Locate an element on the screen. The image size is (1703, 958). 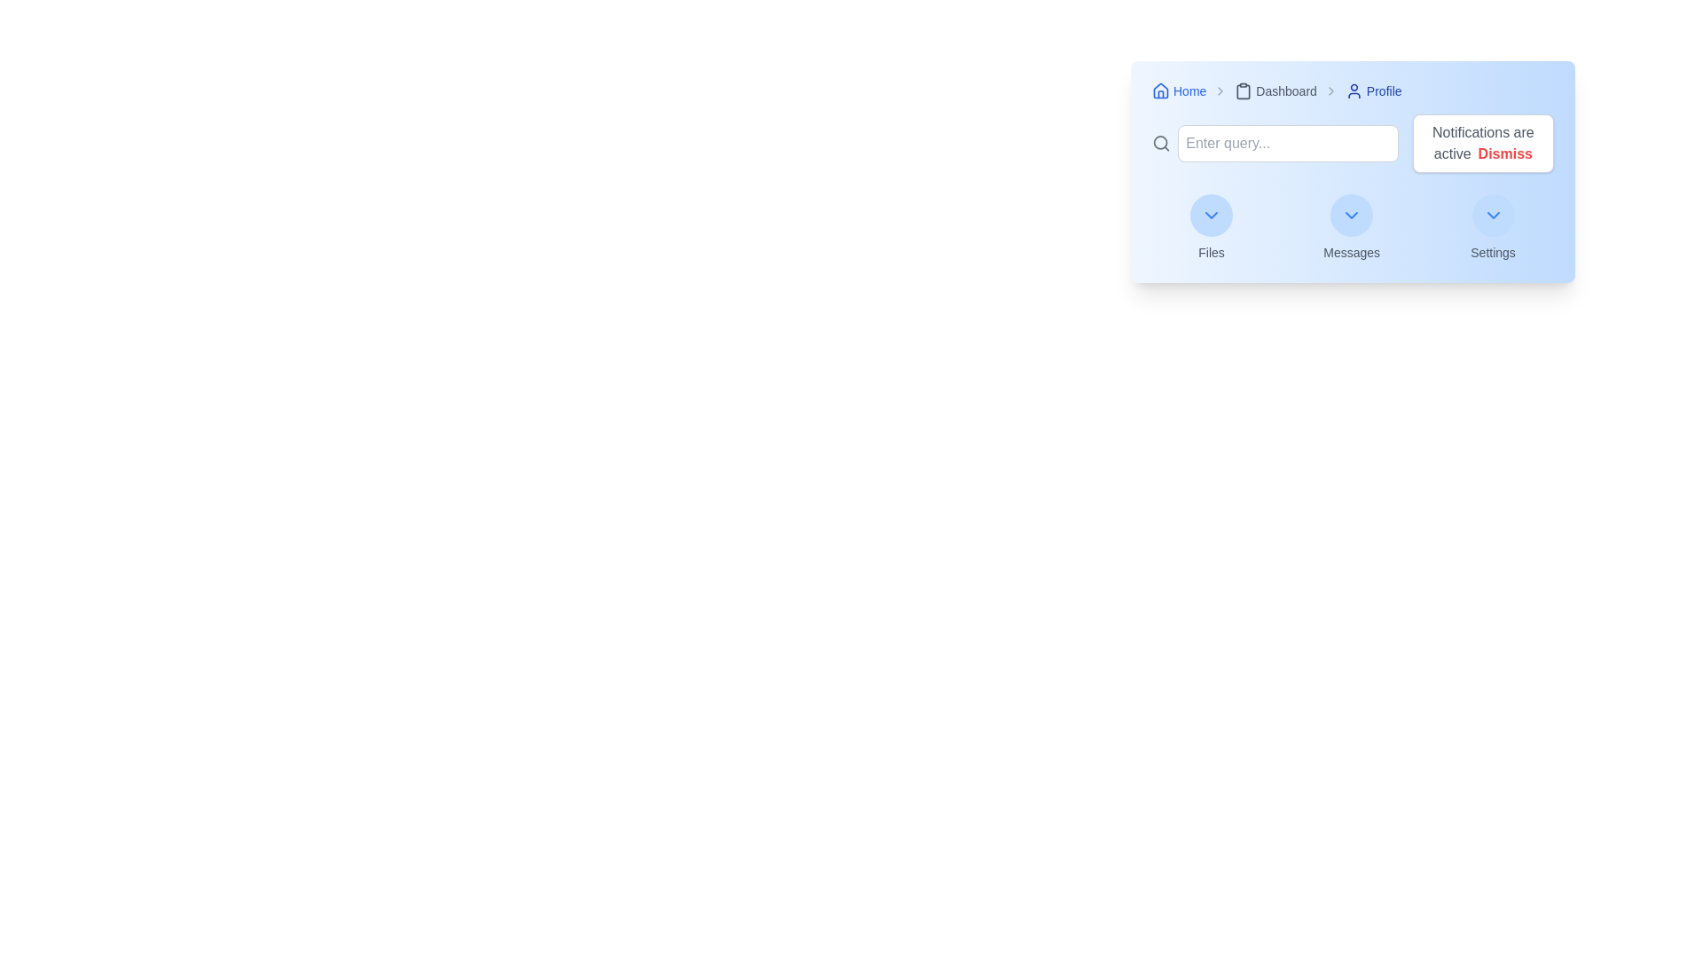
the 'Home' icon located in the top navigation bar, positioned to the left of the 'Home' text is located at coordinates (1161, 91).